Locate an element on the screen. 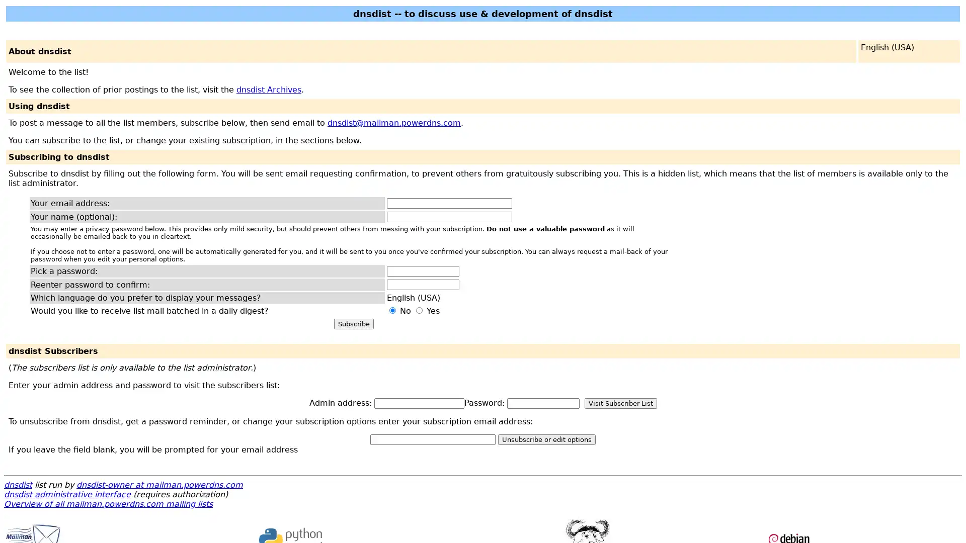  Visit Subscriber List is located at coordinates (620, 403).